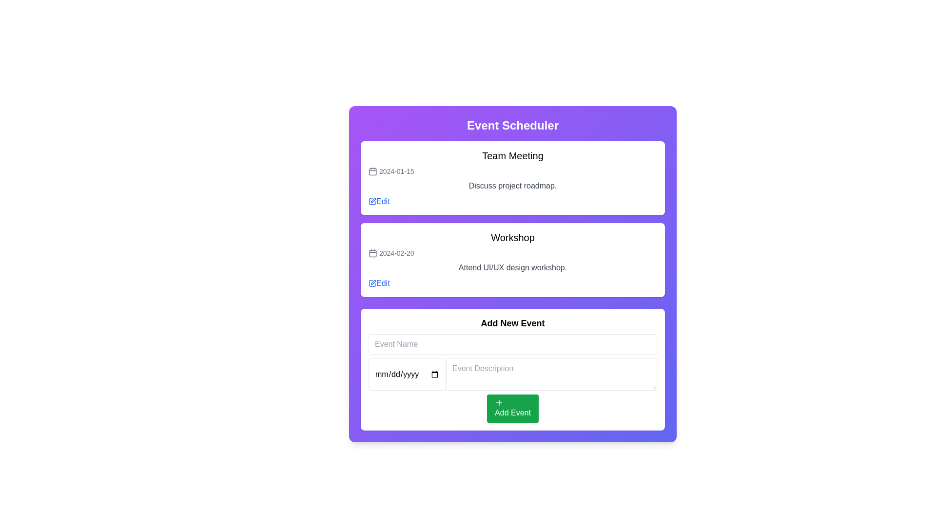  Describe the element at coordinates (512, 409) in the screenshot. I see `the green 'Add Event' button, which features a white plus icon and white text, located near the bottom of the interface in the 'Add New Event' section` at that location.